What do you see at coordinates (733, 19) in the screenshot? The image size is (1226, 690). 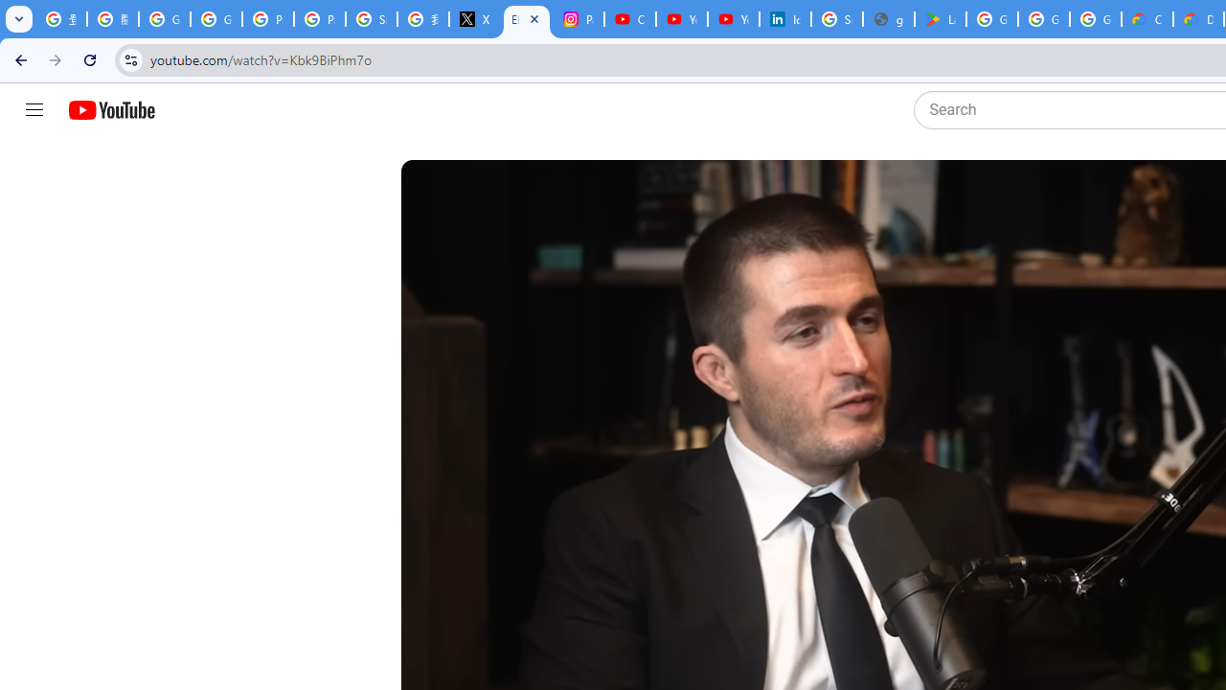 I see `'YouTube Culture & Trends - YouTube Top 10, 2021'` at bounding box center [733, 19].